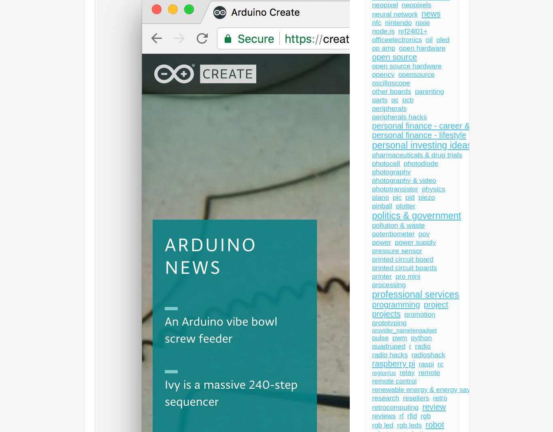  Describe the element at coordinates (389, 323) in the screenshot. I see `'prototyping'` at that location.